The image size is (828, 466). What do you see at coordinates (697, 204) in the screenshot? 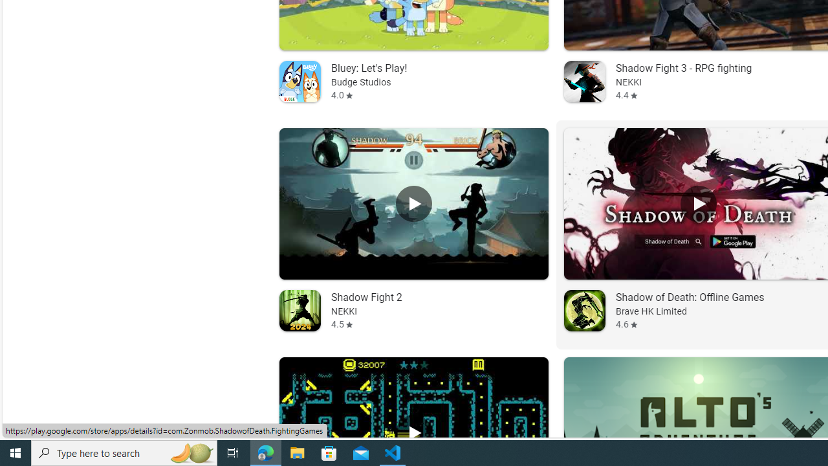
I see `'Play Shadow of Death: Offline Games'` at bounding box center [697, 204].